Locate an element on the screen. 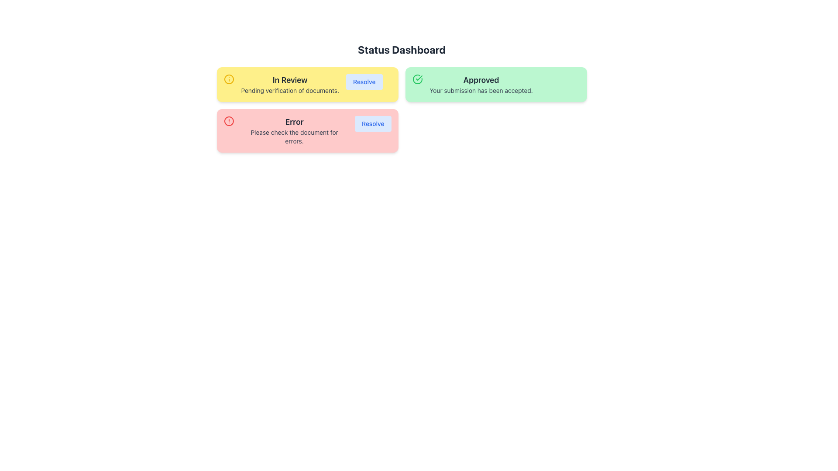  the Static Text element that indicates the approval state of a submission, positioned at the top of the green card in the 'Status Dashboard' interface is located at coordinates (481, 80).